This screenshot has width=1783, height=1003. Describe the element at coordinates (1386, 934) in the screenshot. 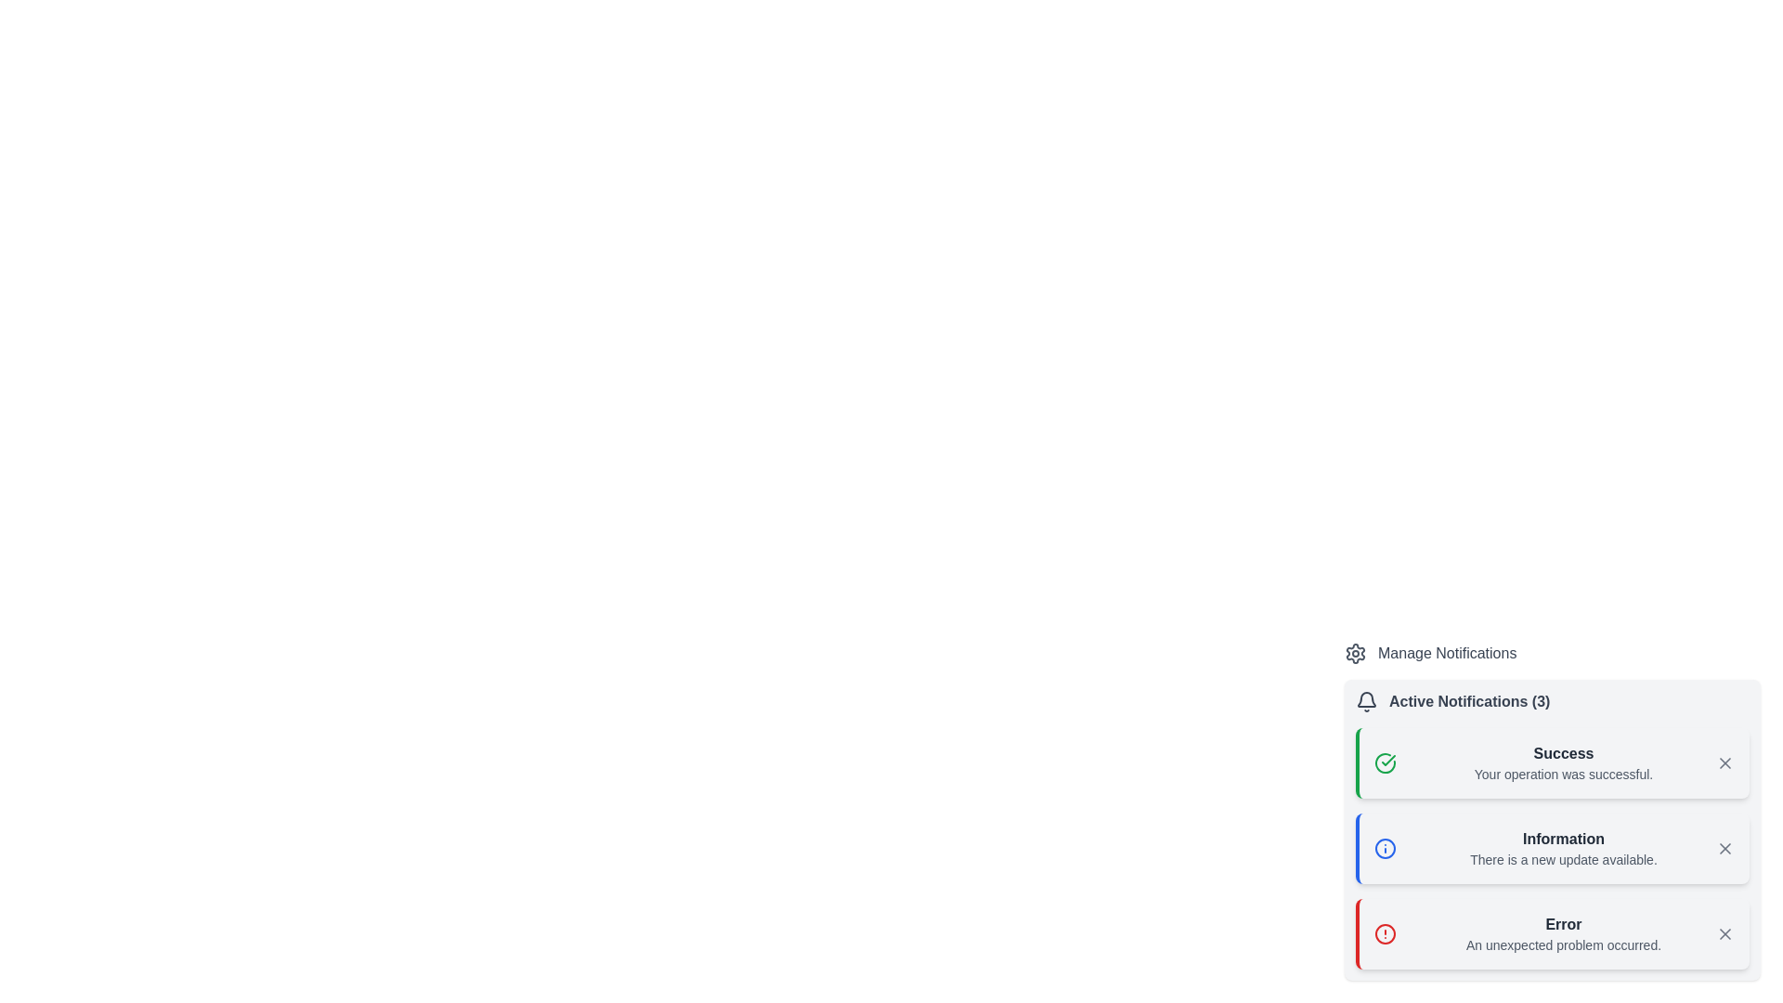

I see `the SVG graphical element with a circle shape that serves as the visual indicator for the 'Error' notification, located to the left of the notification text 'An unexpected problem occurred.'` at that location.